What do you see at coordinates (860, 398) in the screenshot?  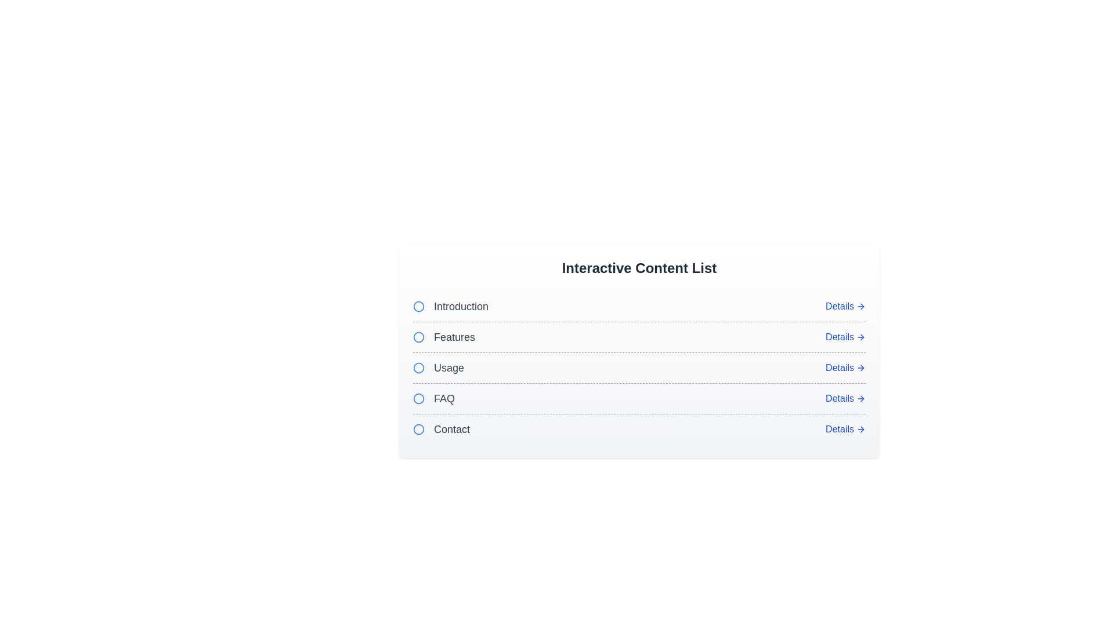 I see `the arrow icon located to the far right of the 'FAQ' row in the list of interactive items` at bounding box center [860, 398].